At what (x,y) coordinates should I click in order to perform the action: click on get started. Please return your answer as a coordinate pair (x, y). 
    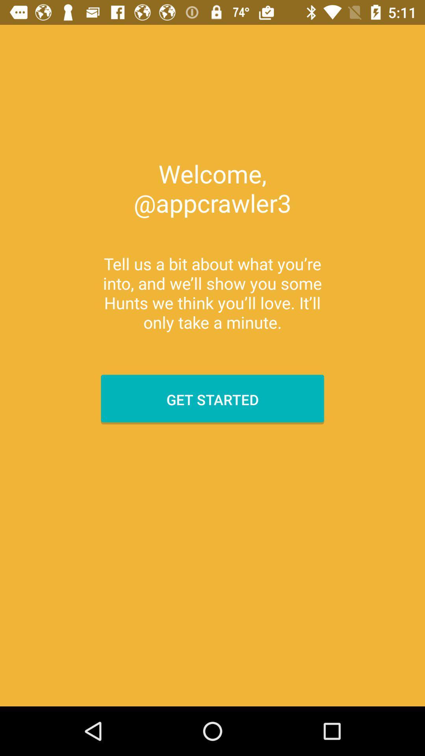
    Looking at the image, I should click on (213, 399).